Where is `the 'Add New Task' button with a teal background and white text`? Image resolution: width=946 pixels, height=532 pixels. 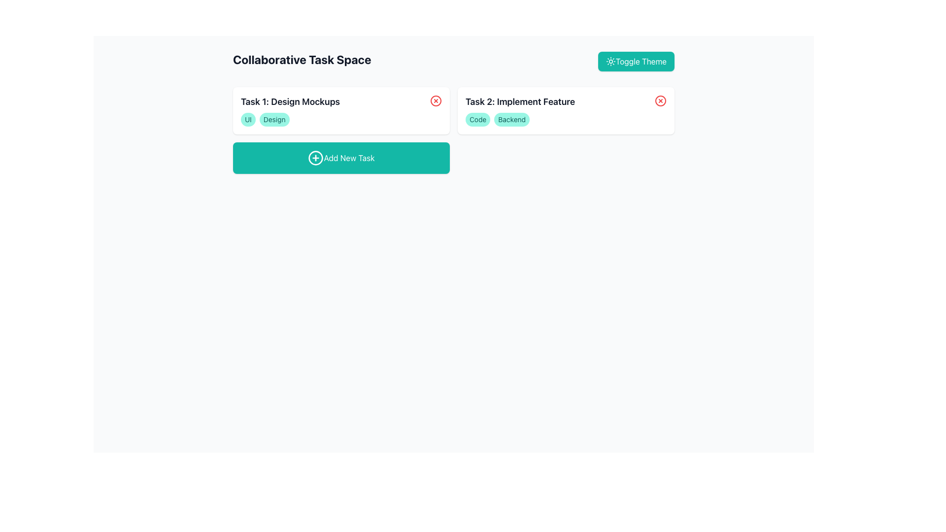 the 'Add New Task' button with a teal background and white text is located at coordinates (341, 157).